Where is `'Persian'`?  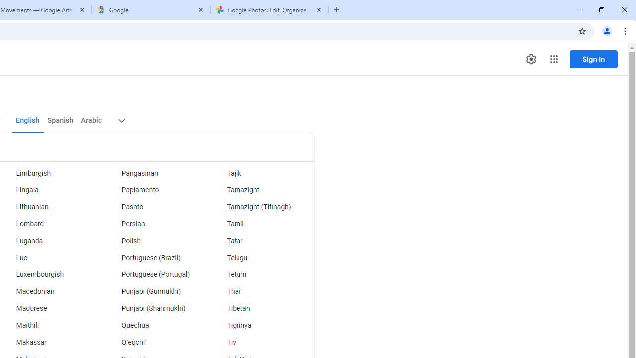 'Persian' is located at coordinates (155, 224).